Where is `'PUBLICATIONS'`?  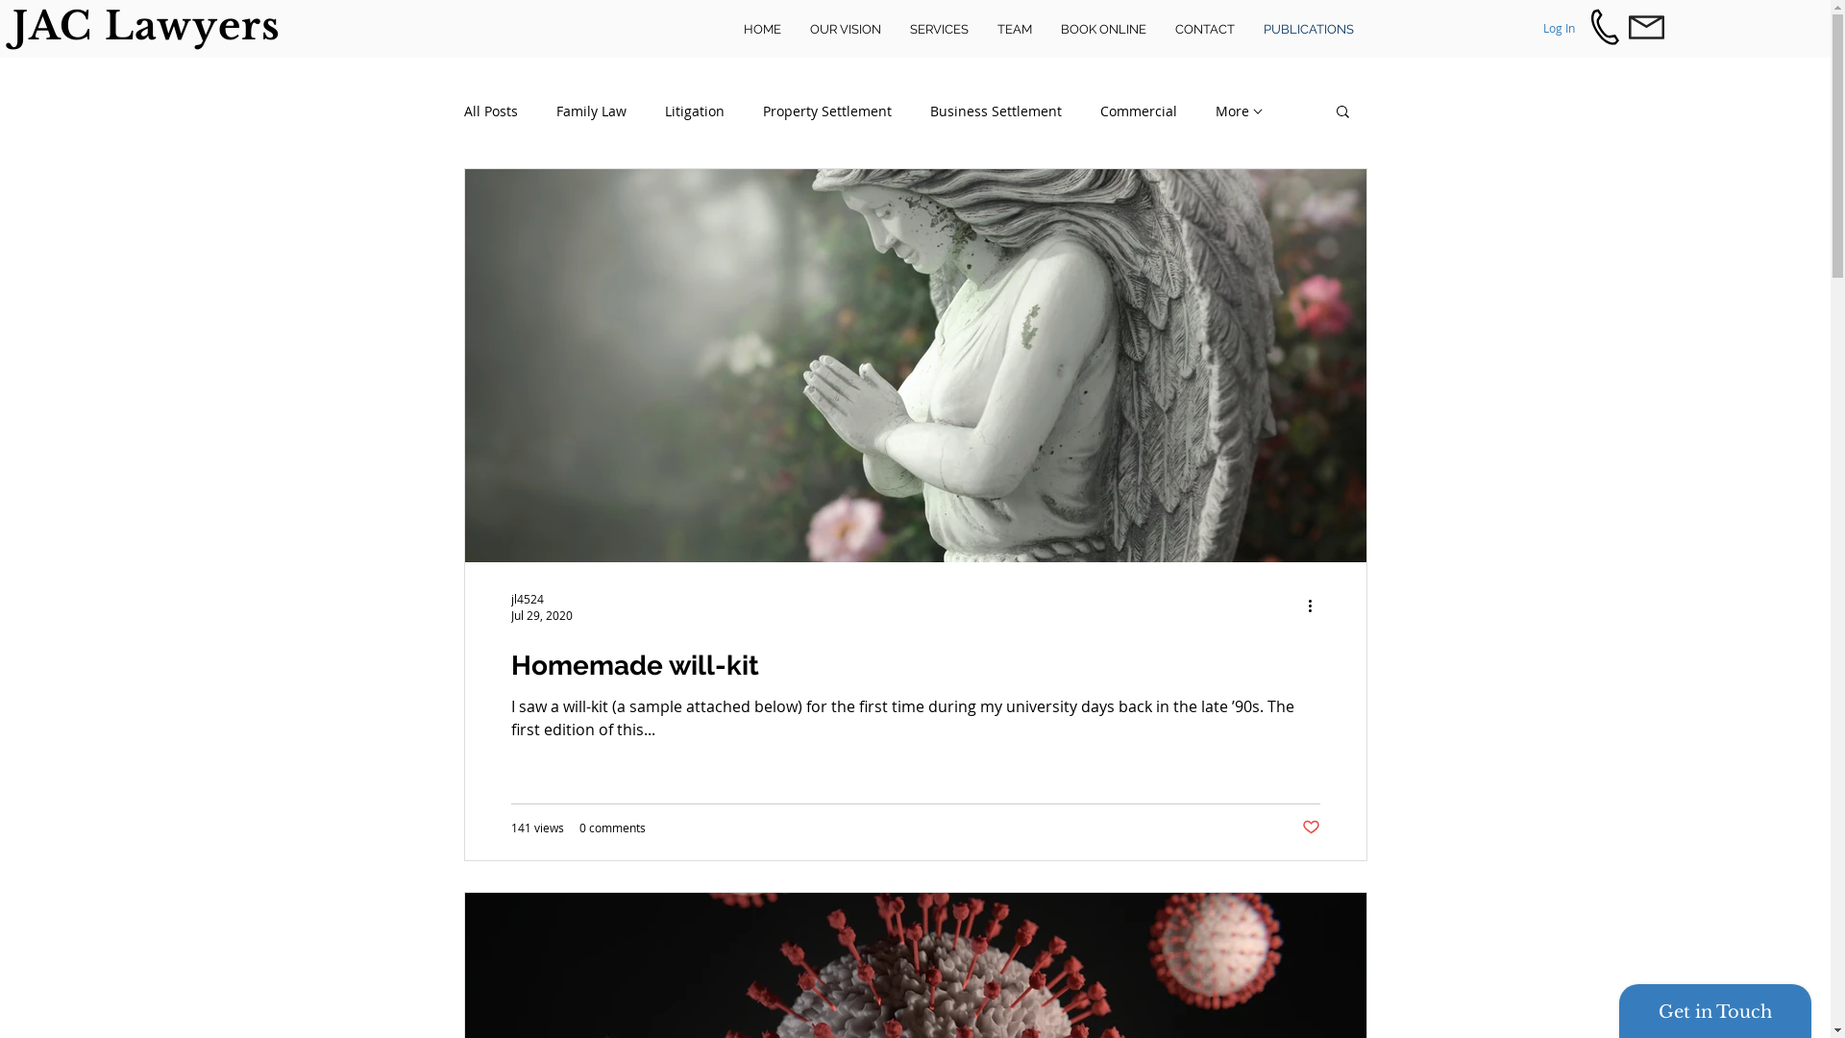 'PUBLICATIONS' is located at coordinates (1249, 29).